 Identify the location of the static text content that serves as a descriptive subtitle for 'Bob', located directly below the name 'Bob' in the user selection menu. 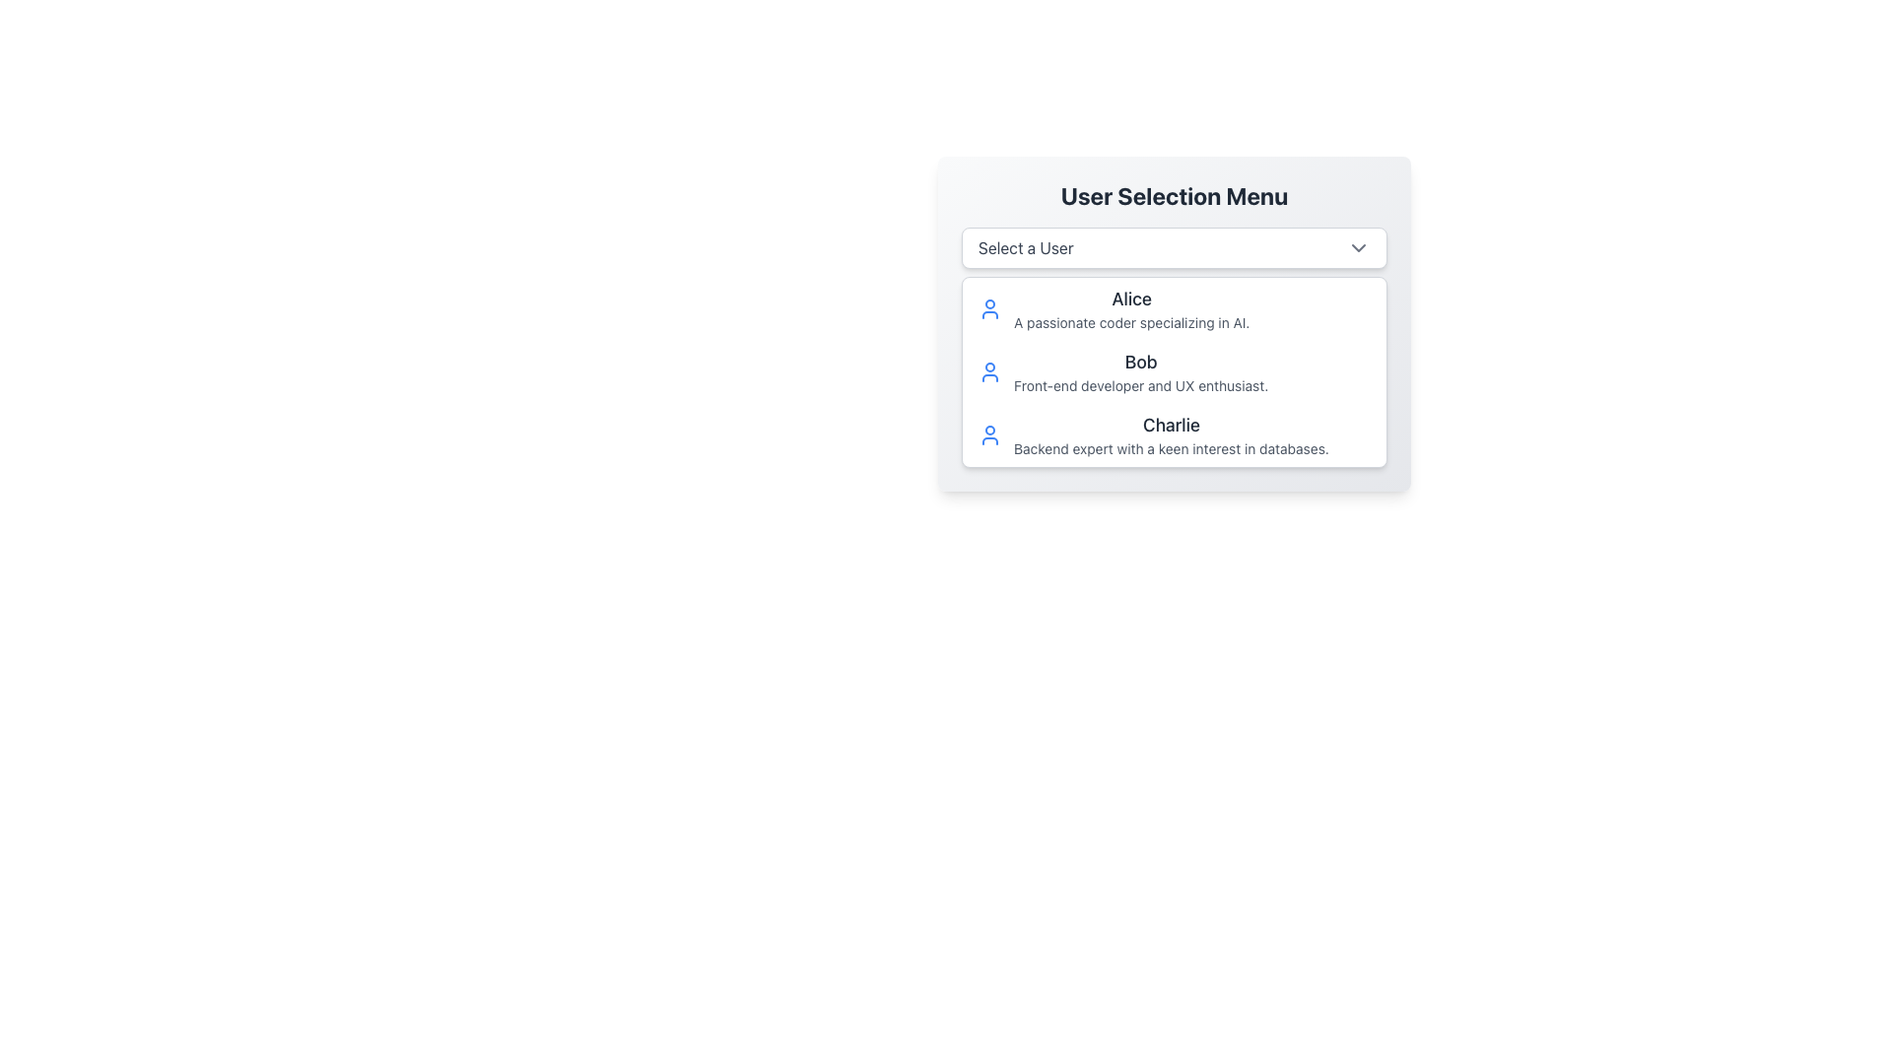
(1141, 386).